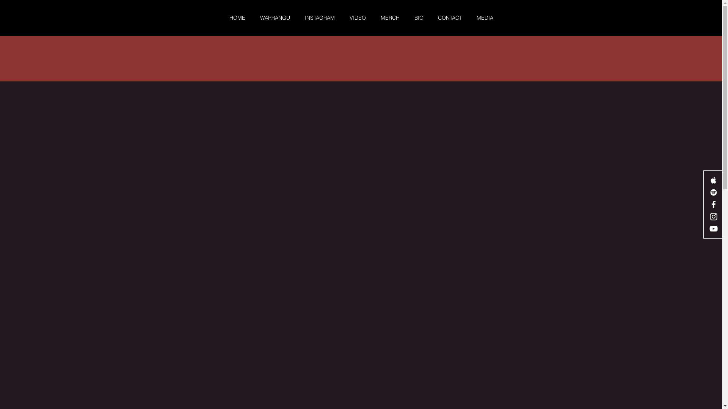  I want to click on 'CONTACT', so click(431, 17).